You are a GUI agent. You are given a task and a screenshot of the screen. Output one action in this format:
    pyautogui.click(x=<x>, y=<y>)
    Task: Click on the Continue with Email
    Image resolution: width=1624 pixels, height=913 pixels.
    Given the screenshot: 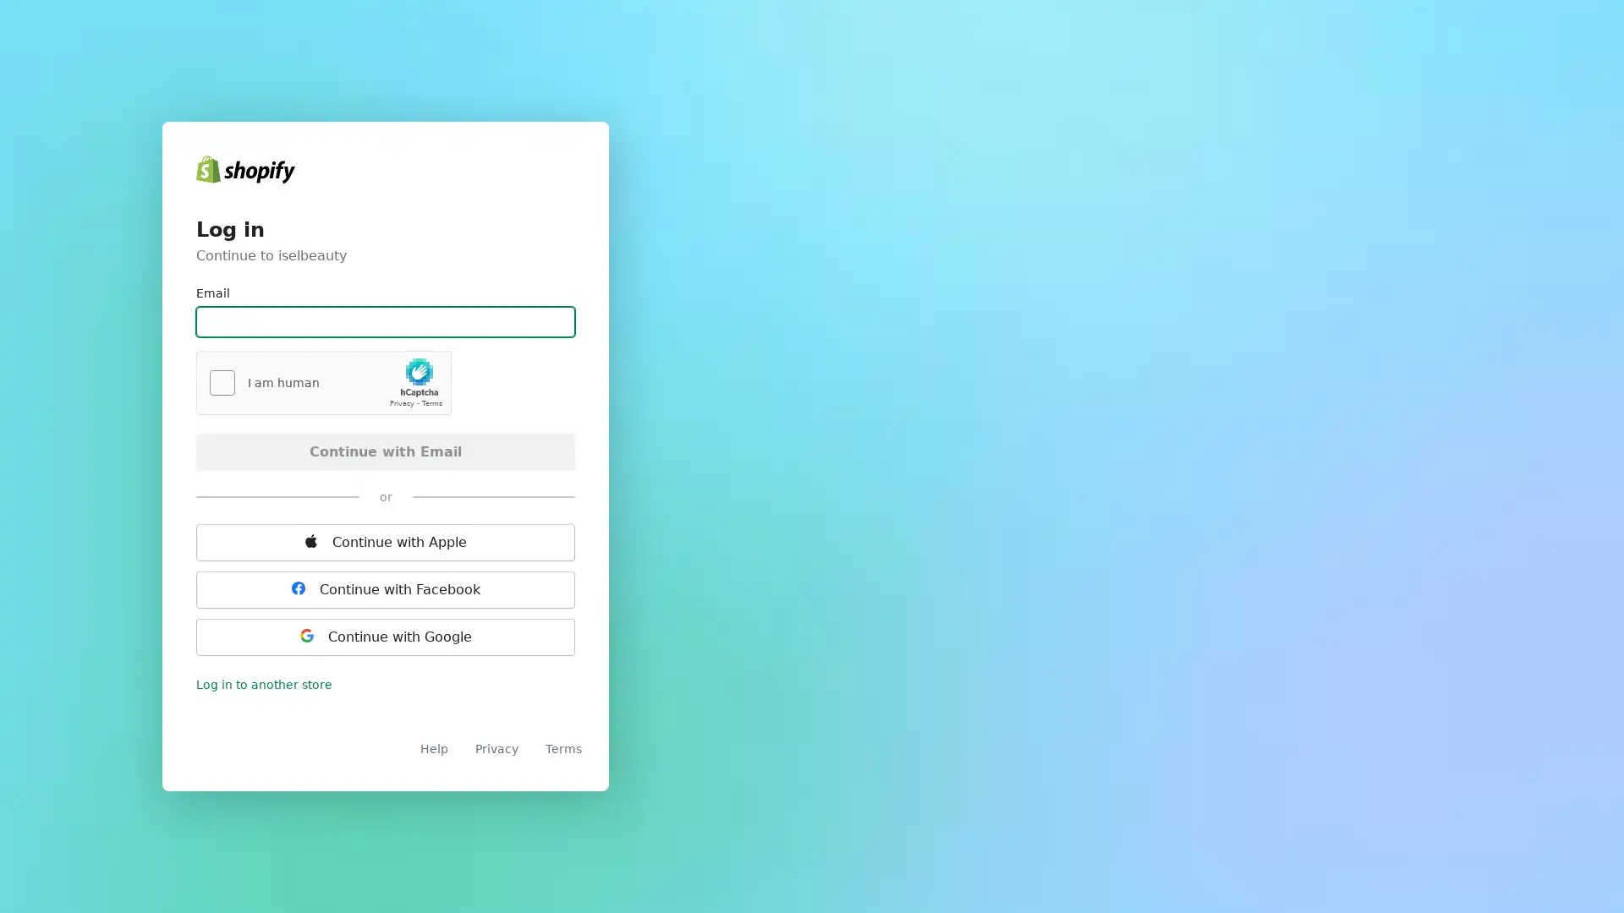 What is the action you would take?
    pyautogui.click(x=385, y=450)
    